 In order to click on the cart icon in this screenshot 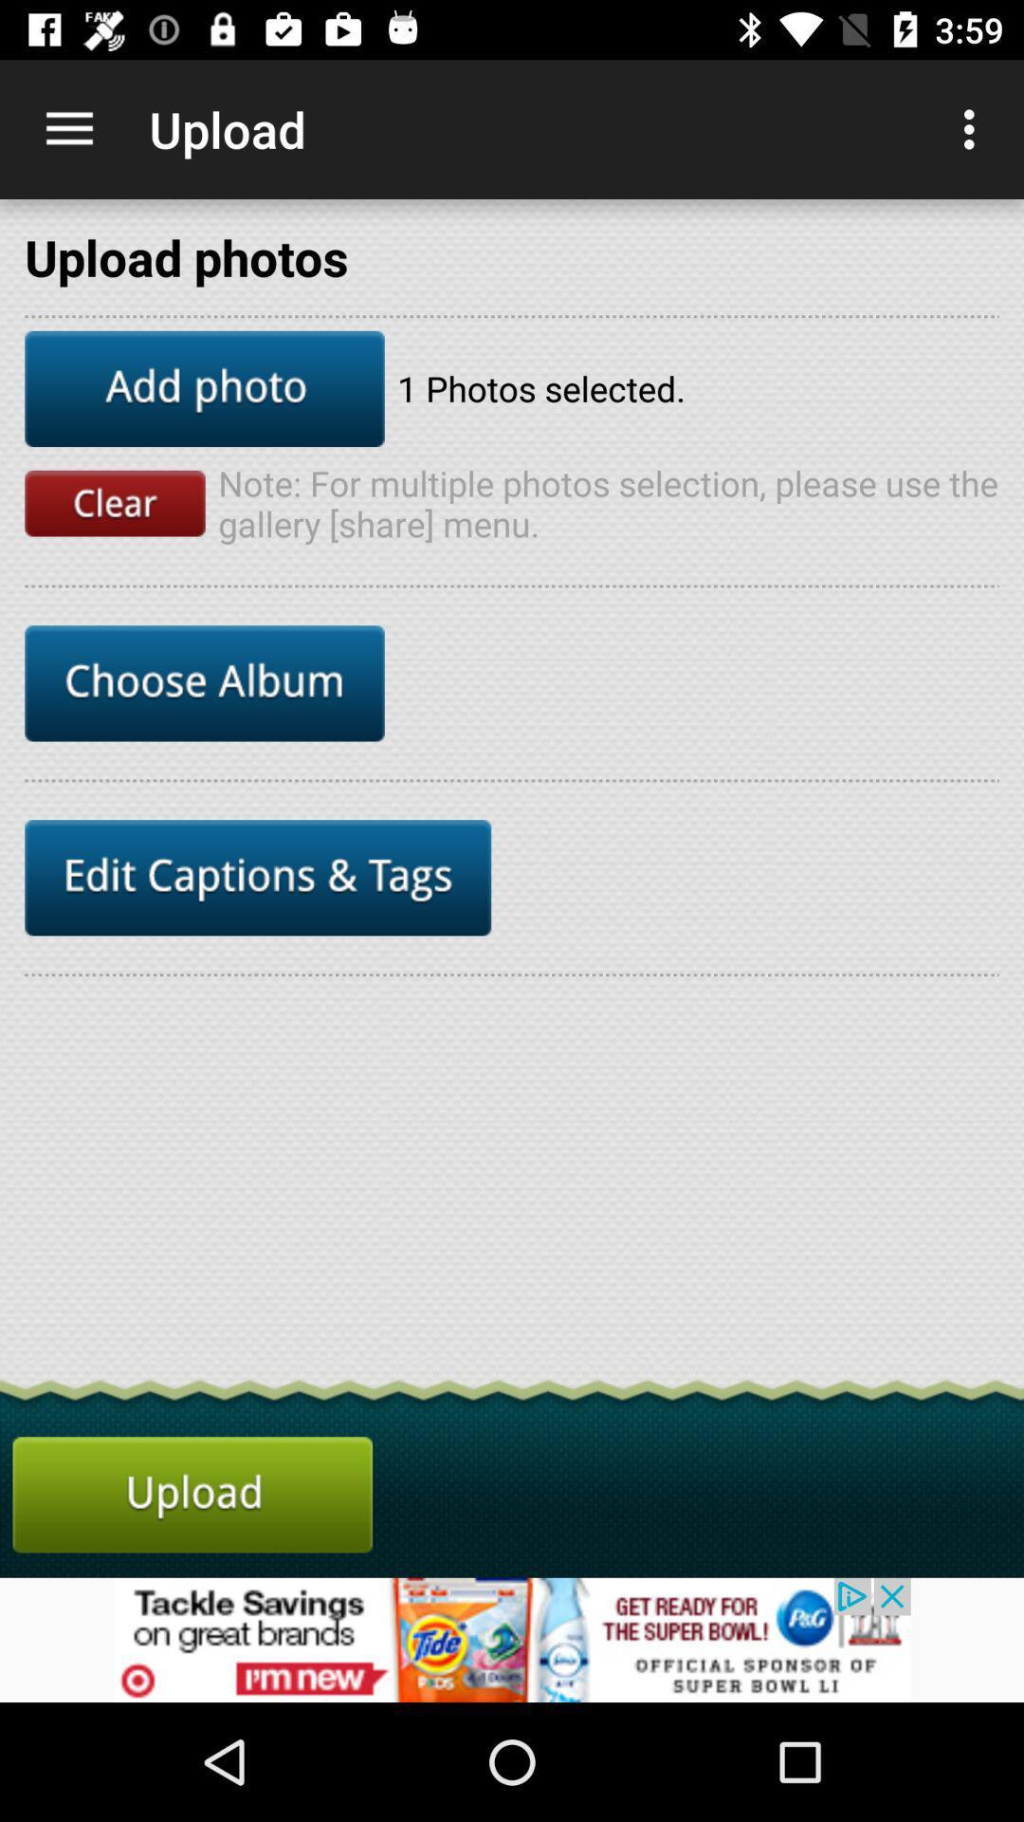, I will do `click(192, 1494)`.